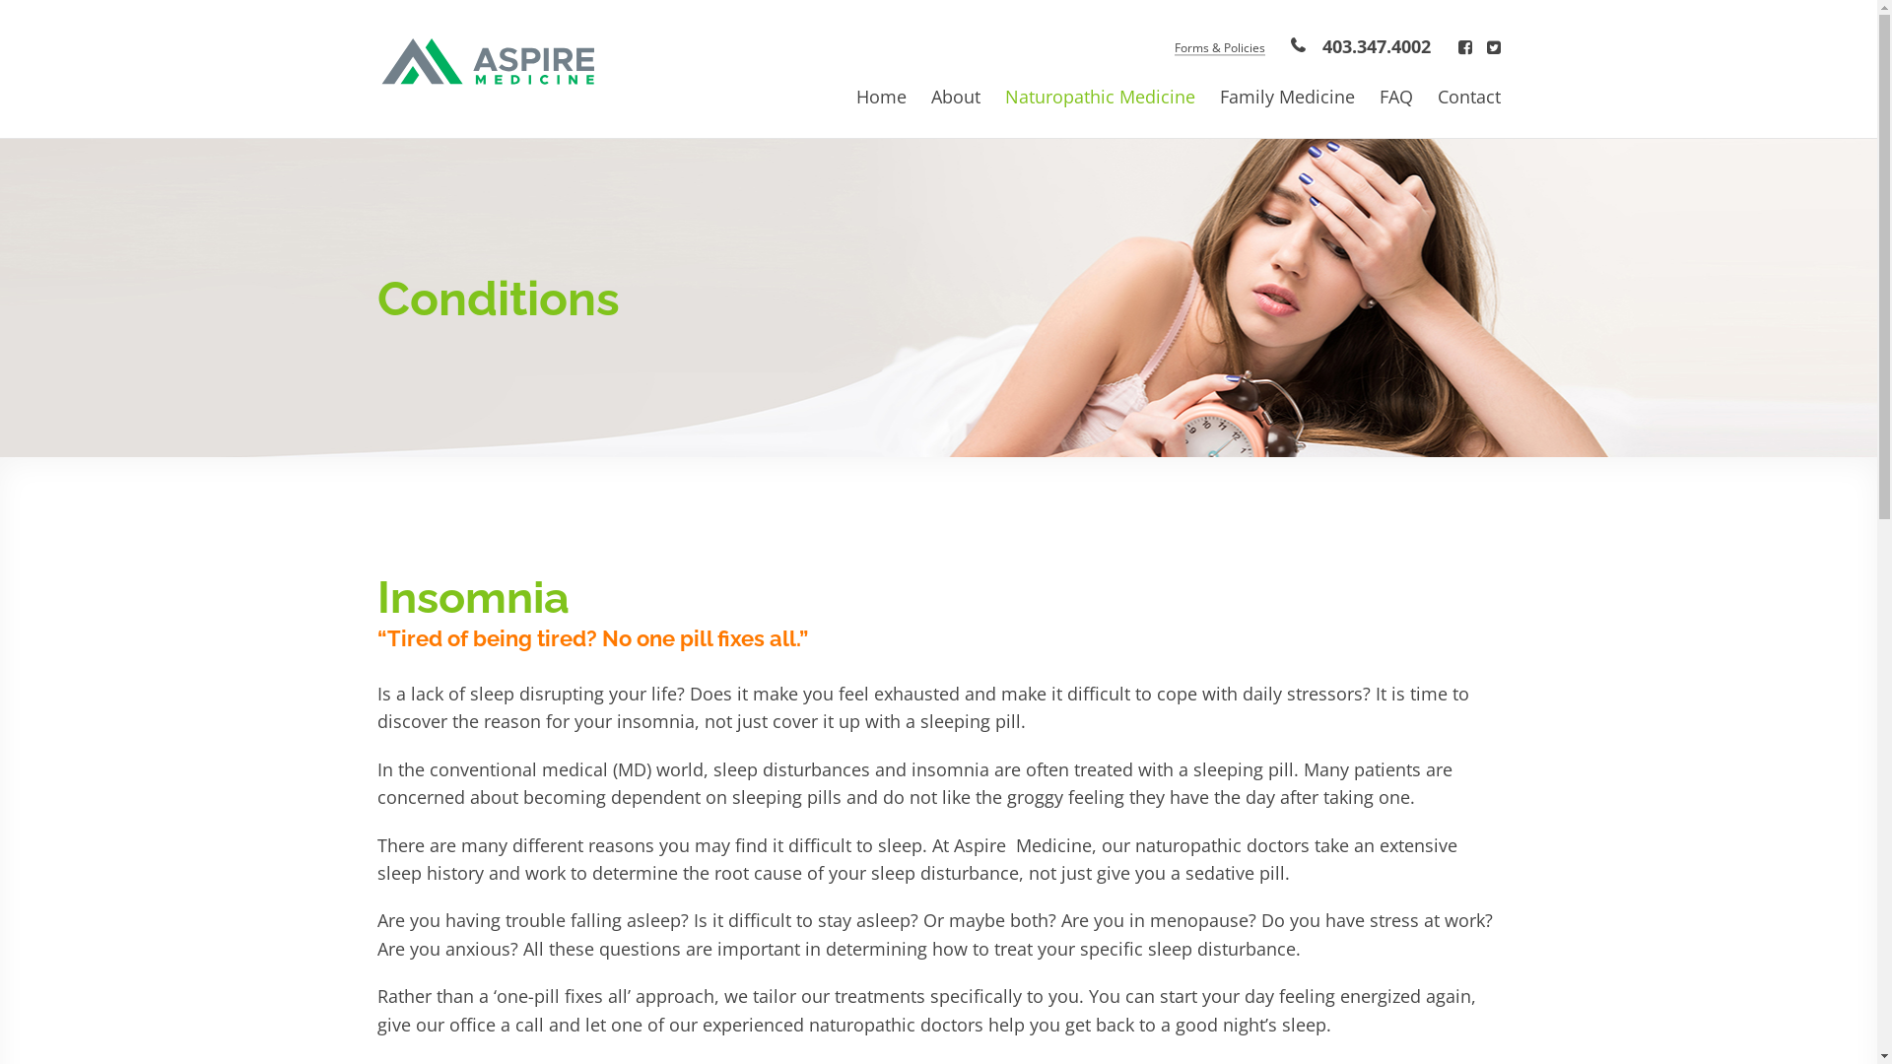 This screenshot has height=1064, width=1892. I want to click on 'Home', so click(855, 96).